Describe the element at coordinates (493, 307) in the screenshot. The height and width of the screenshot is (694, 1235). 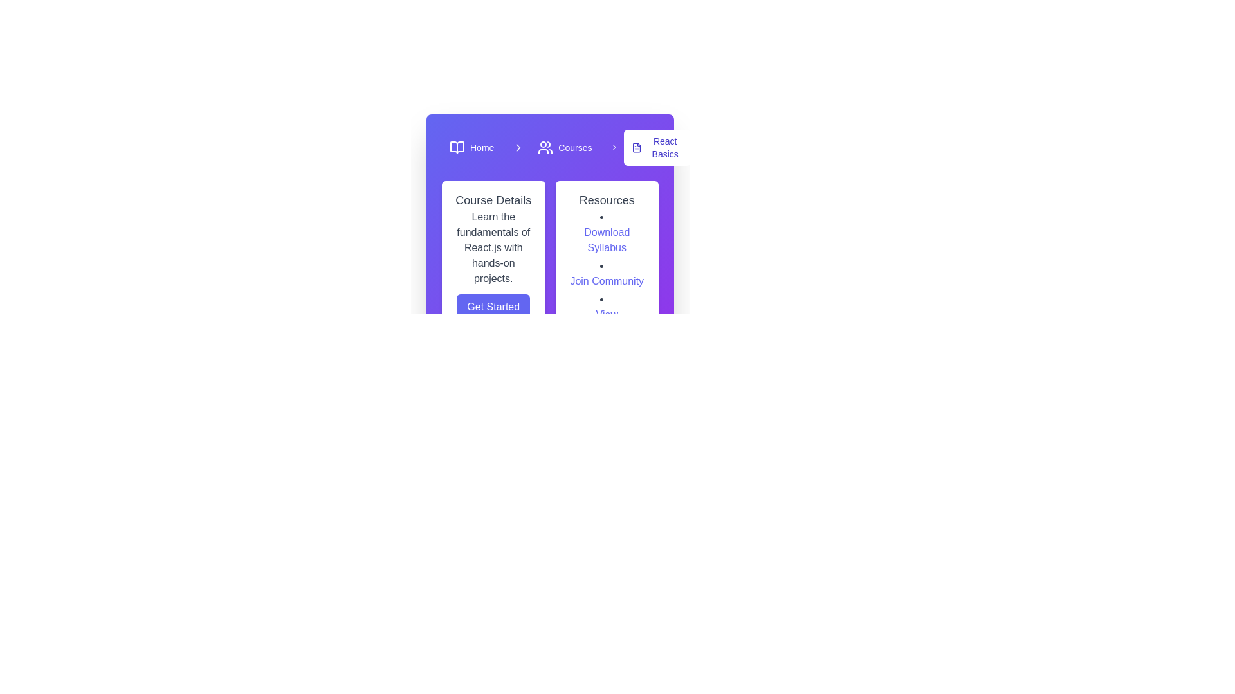
I see `the call-to-action button located at the bottom of the 'Course Details' card` at that location.